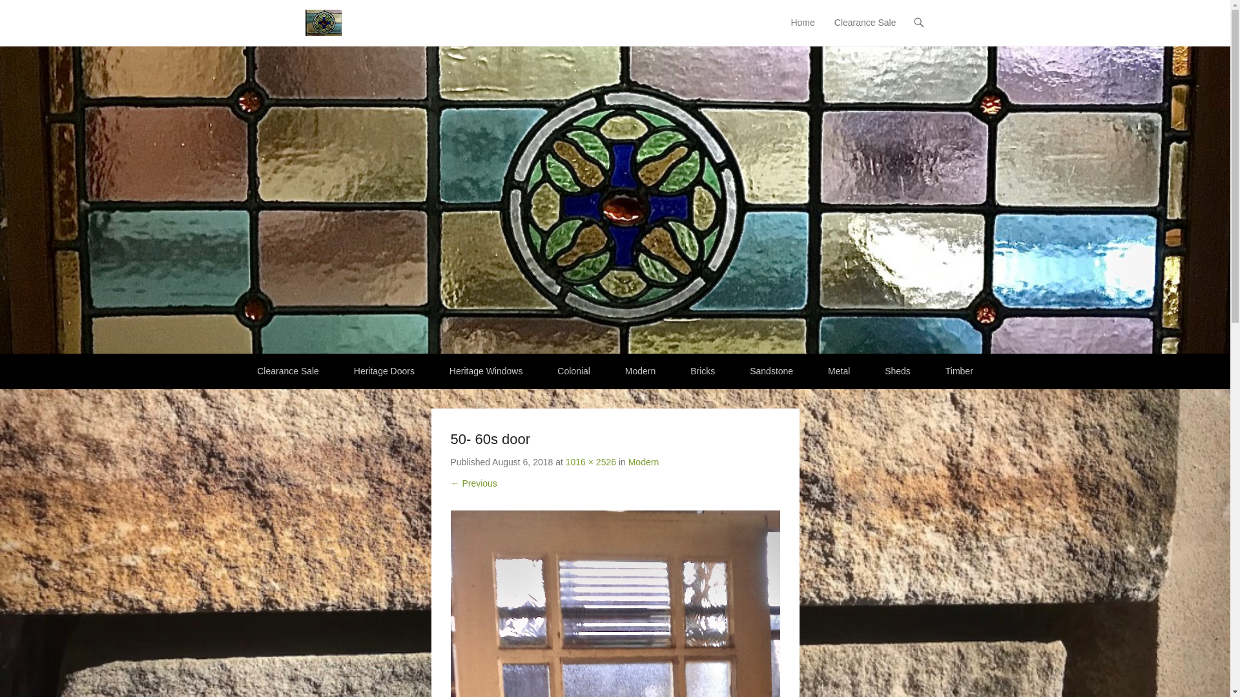 Image resolution: width=1240 pixels, height=697 pixels. I want to click on 'Colonial', so click(573, 371).